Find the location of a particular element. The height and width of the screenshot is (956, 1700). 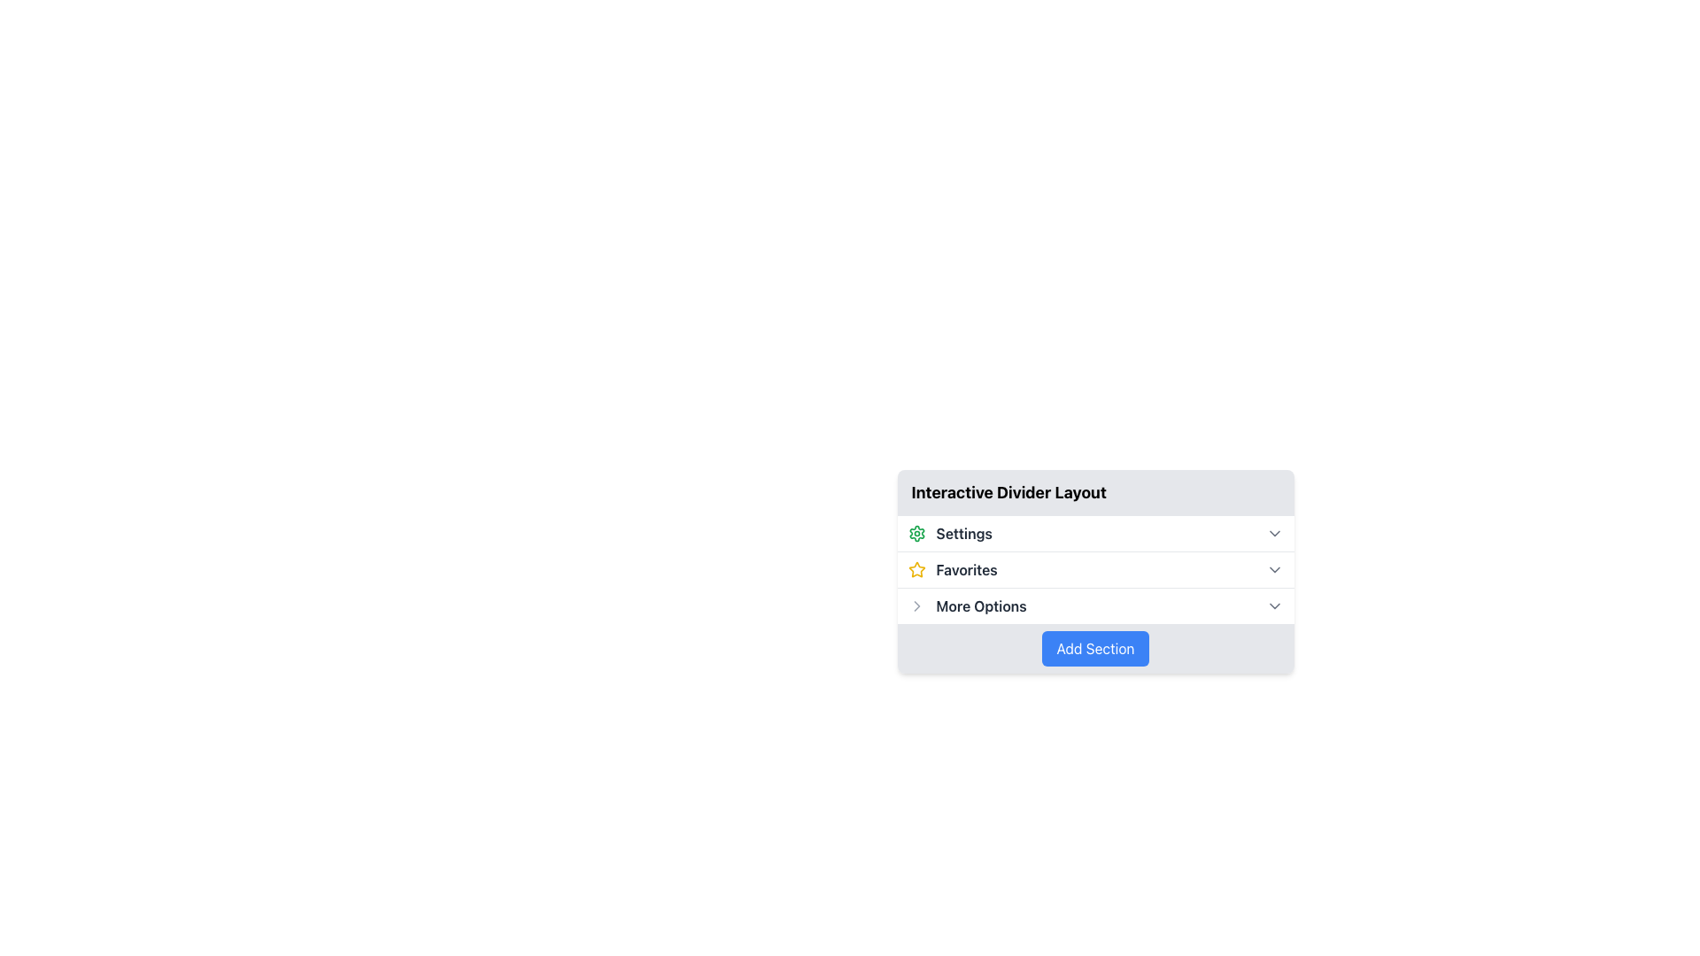

the 'More Options' dropdown option, which is the third option is located at coordinates (1094, 605).